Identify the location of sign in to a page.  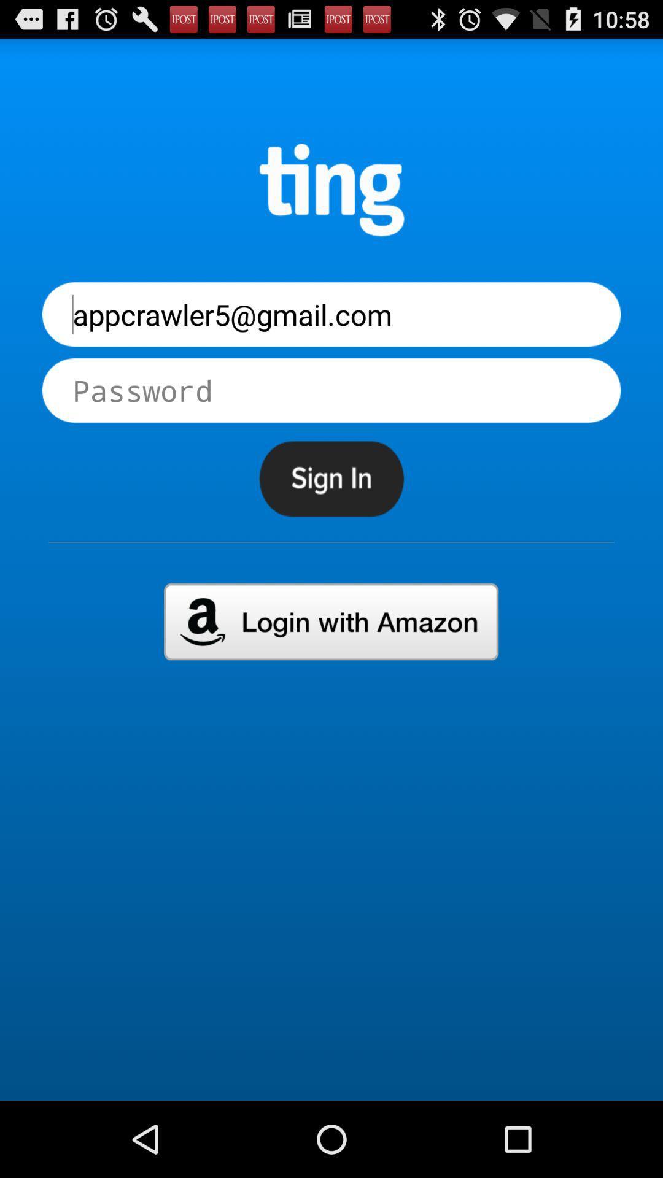
(330, 478).